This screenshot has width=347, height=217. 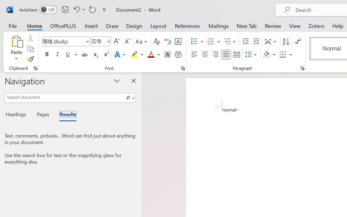 I want to click on 'Text Highlight Color', so click(x=137, y=55).